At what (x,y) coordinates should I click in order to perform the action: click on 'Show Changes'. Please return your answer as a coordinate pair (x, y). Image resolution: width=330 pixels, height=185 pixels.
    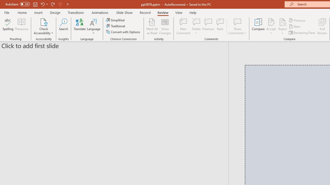
    Looking at the image, I should click on (165, 26).